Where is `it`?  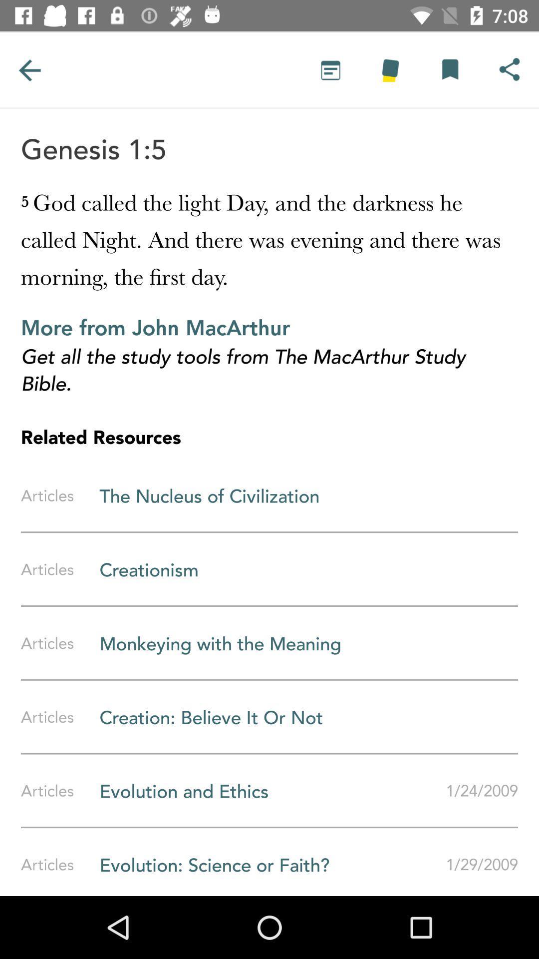
it is located at coordinates (450, 69).